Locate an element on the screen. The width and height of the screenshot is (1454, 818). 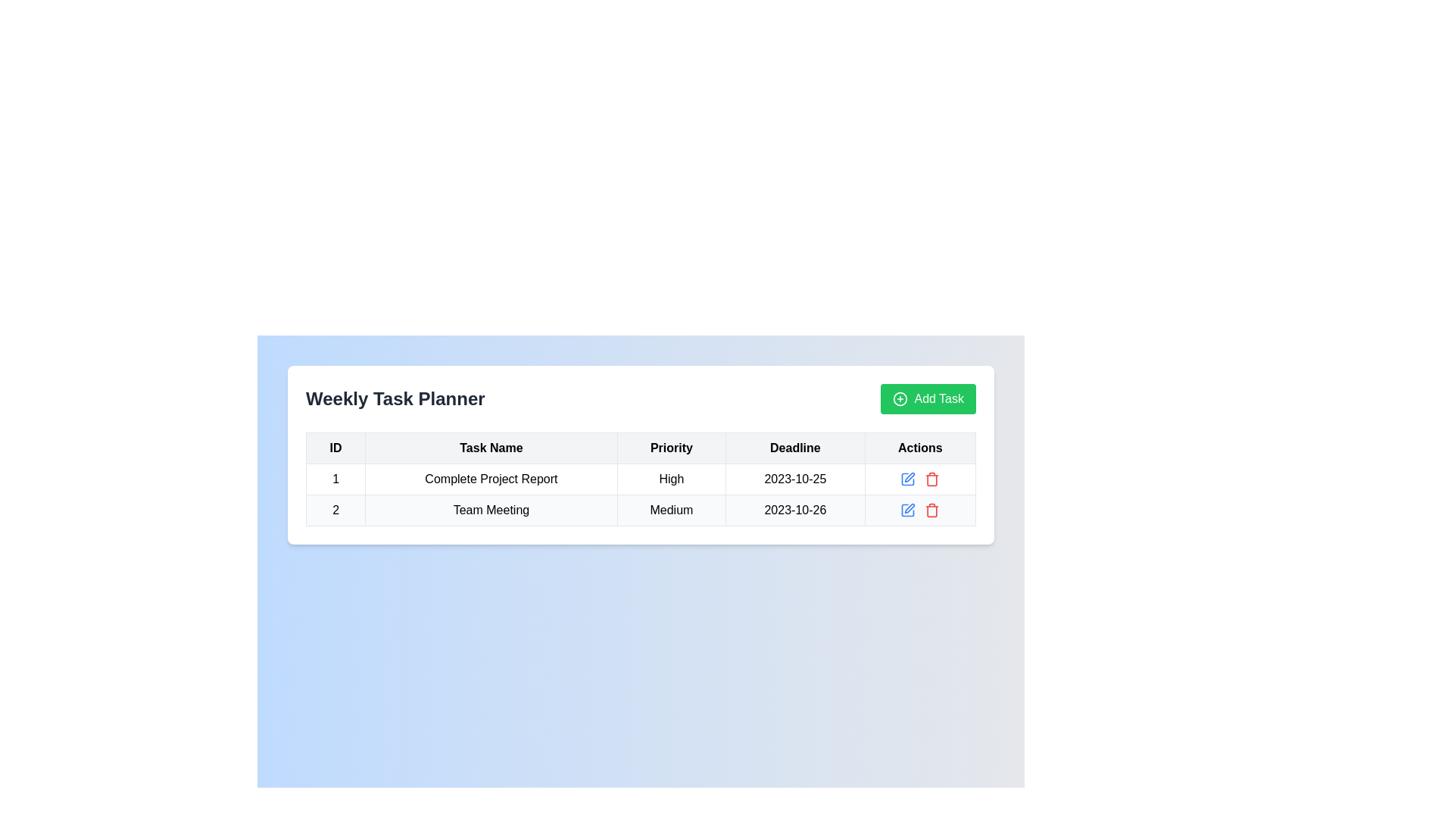
the numeric text "1" in the first cell of the table under the column titled "ID" is located at coordinates (335, 479).